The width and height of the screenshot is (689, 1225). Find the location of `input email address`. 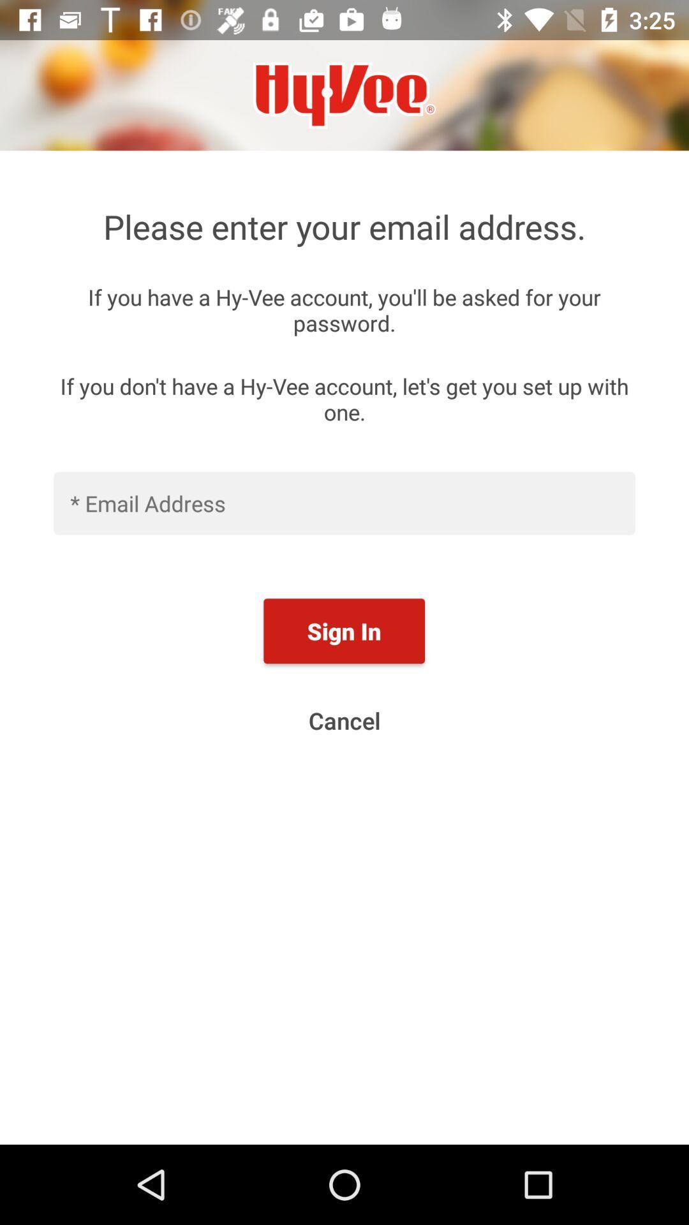

input email address is located at coordinates (344, 502).